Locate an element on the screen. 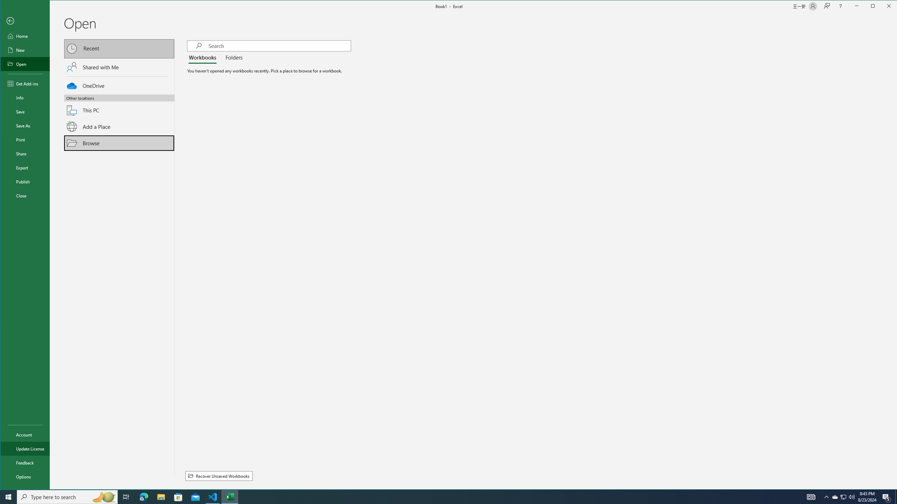 The width and height of the screenshot is (897, 504). 'OneDrive' is located at coordinates (119, 84).